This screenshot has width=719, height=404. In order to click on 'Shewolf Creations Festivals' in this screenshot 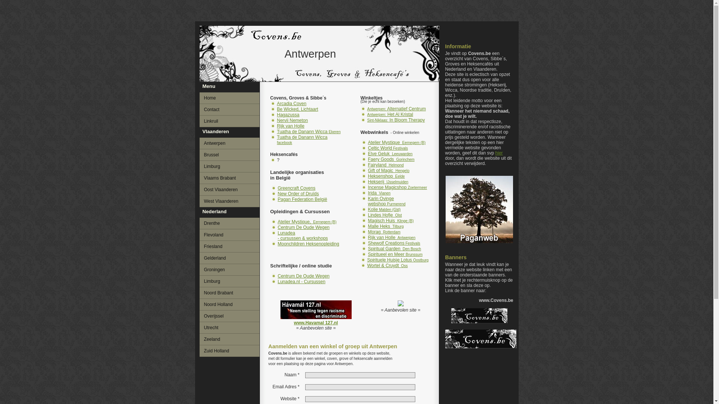, I will do `click(393, 243)`.